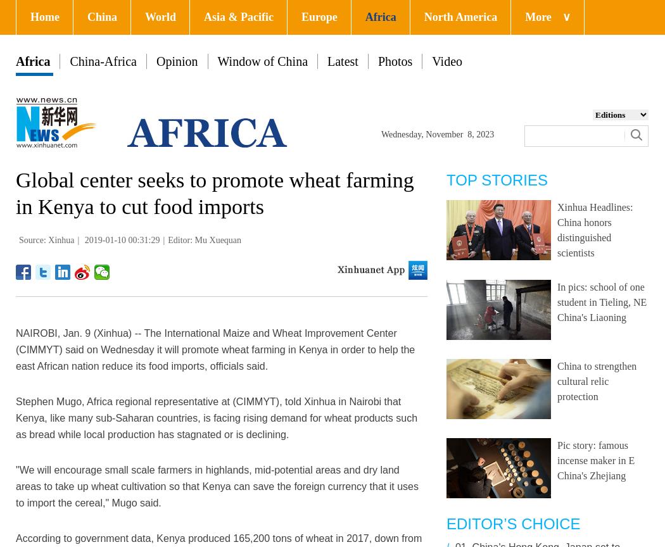  What do you see at coordinates (319, 16) in the screenshot?
I see `'Europe'` at bounding box center [319, 16].